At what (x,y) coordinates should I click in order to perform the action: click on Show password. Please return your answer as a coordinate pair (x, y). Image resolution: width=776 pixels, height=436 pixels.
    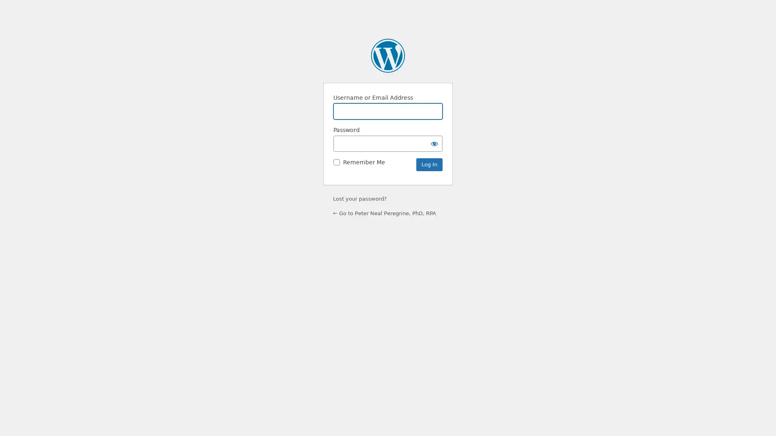
    Looking at the image, I should click on (434, 143).